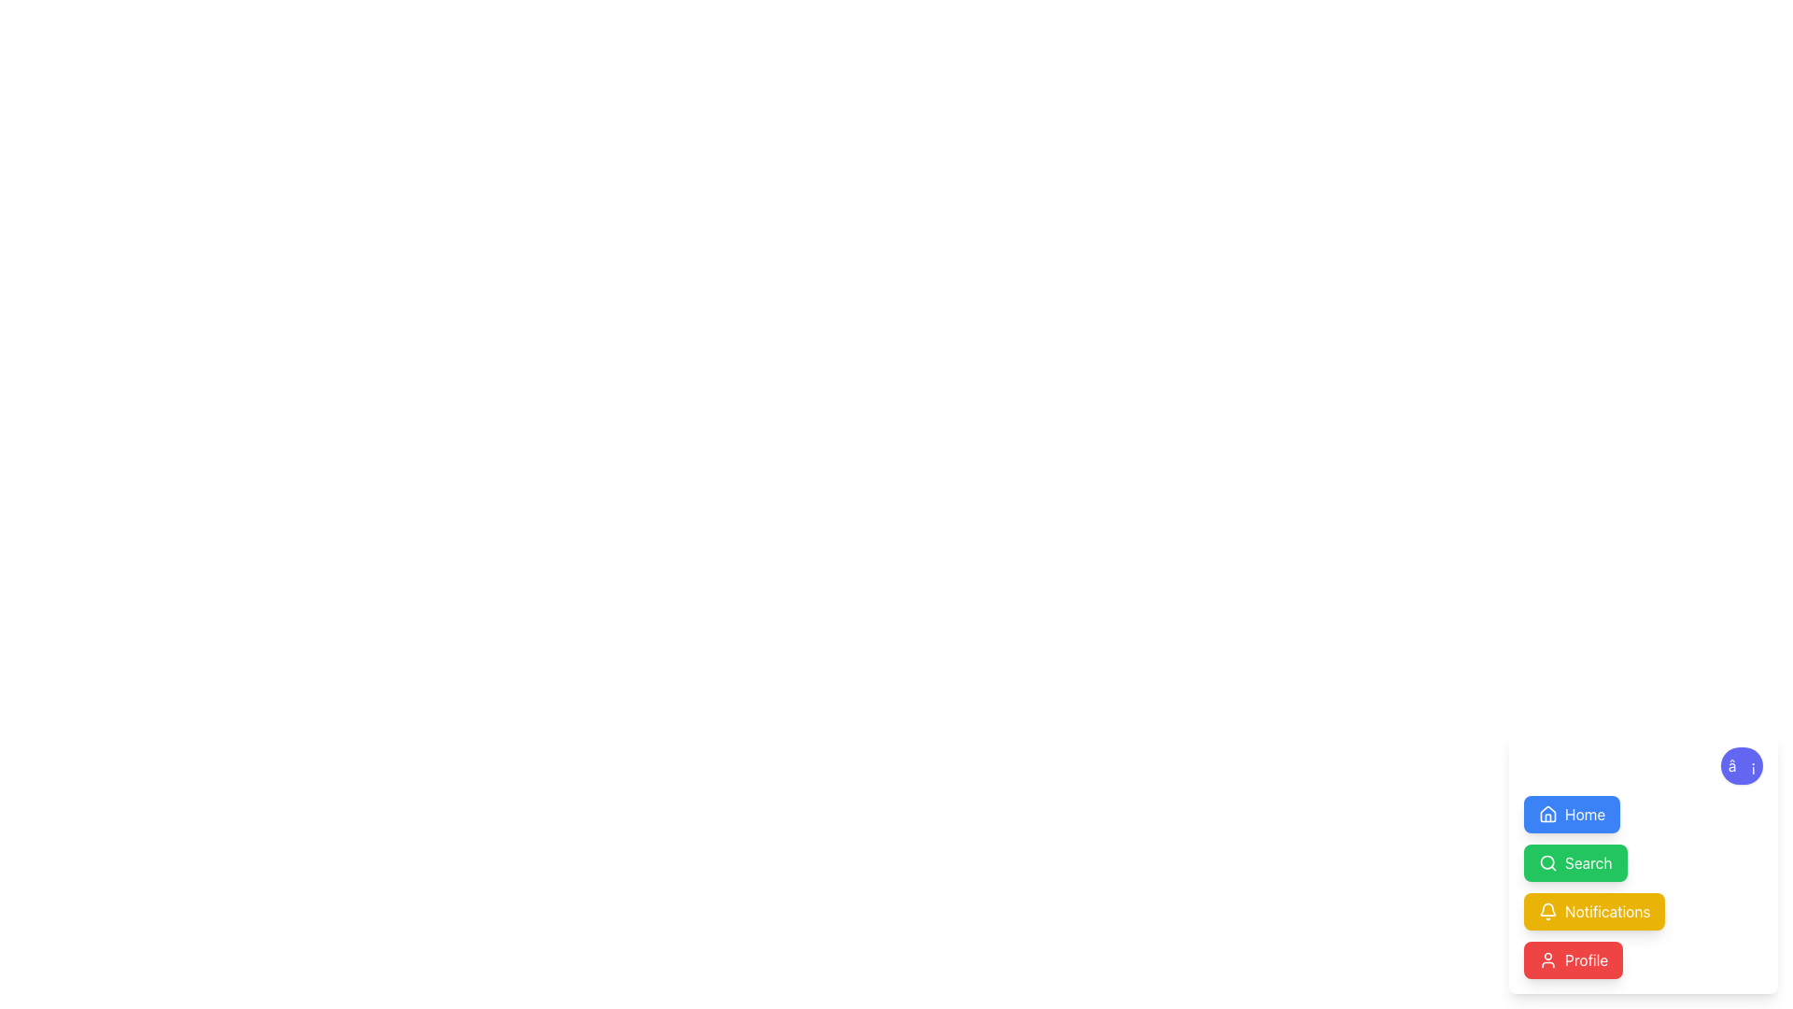  Describe the element at coordinates (1593, 910) in the screenshot. I see `the notifications button, which is located below the green 'Search' button and above the red 'Profile' button in the lower right segment of the application interface` at that location.